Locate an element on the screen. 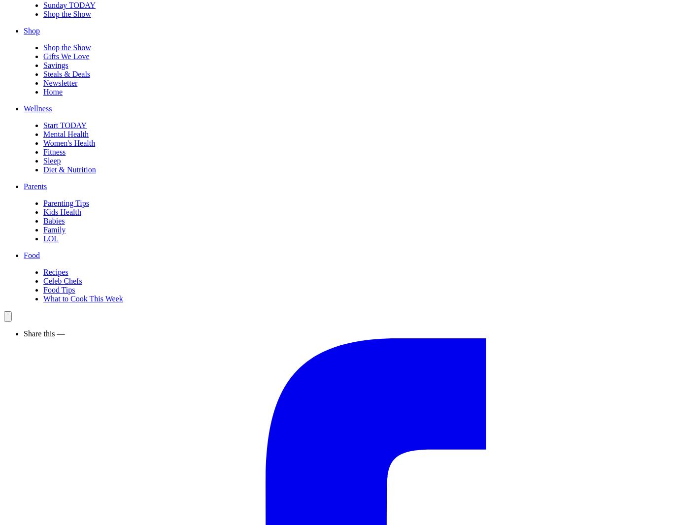 Image resolution: width=673 pixels, height=525 pixels. 'Mental Health' is located at coordinates (43, 134).